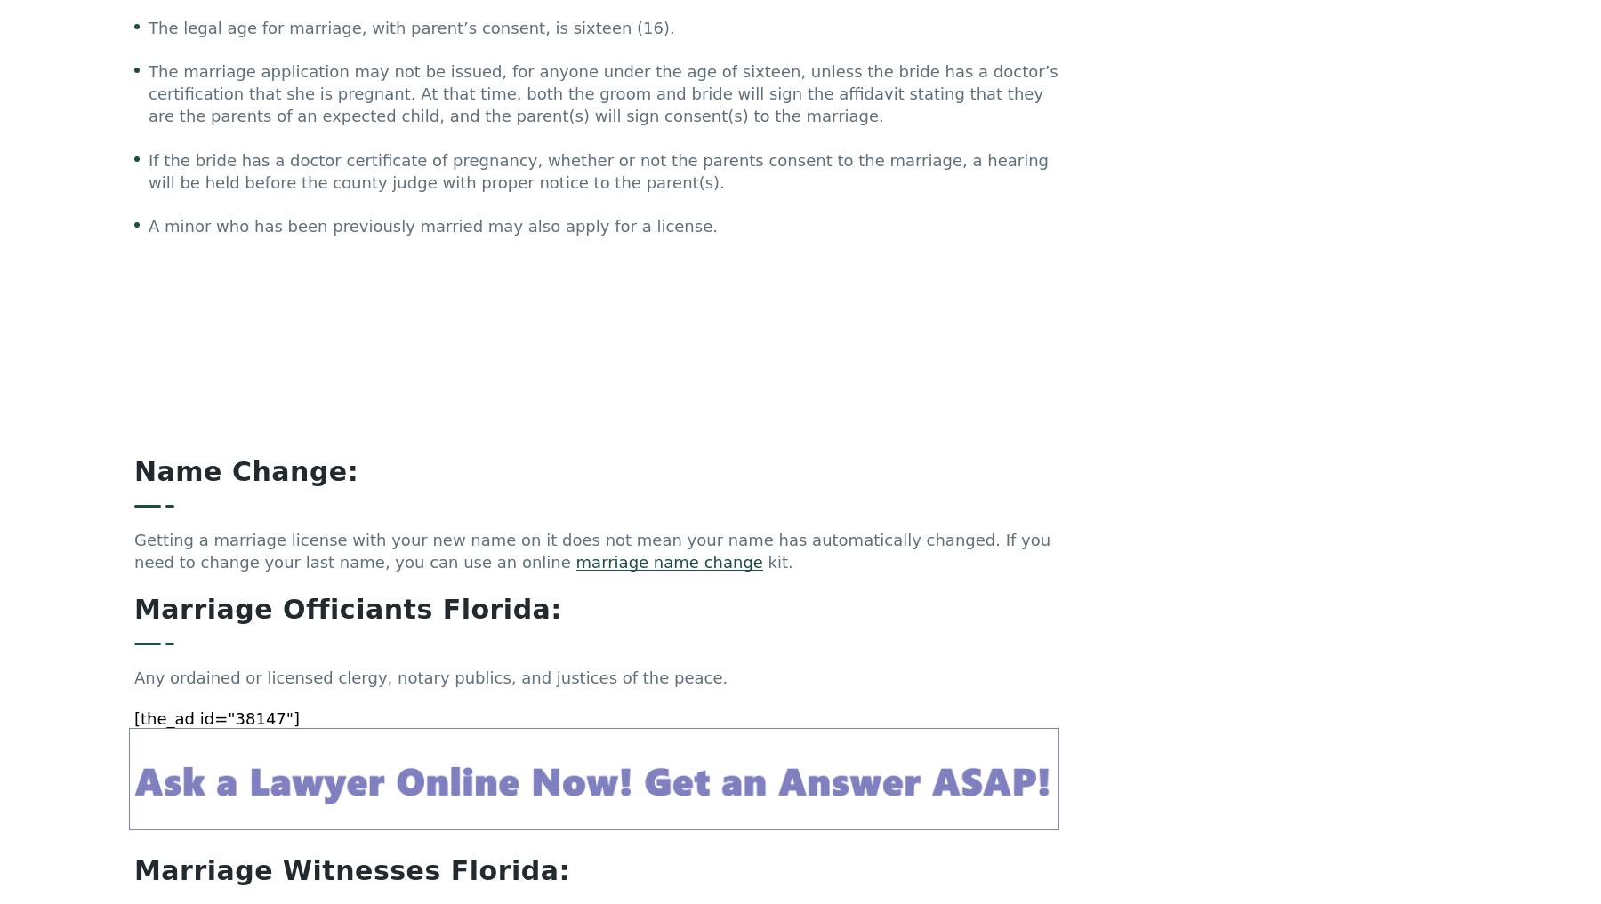  Describe the element at coordinates (435, 799) in the screenshot. I see `'Copy of Certificate of Marriage License'` at that location.